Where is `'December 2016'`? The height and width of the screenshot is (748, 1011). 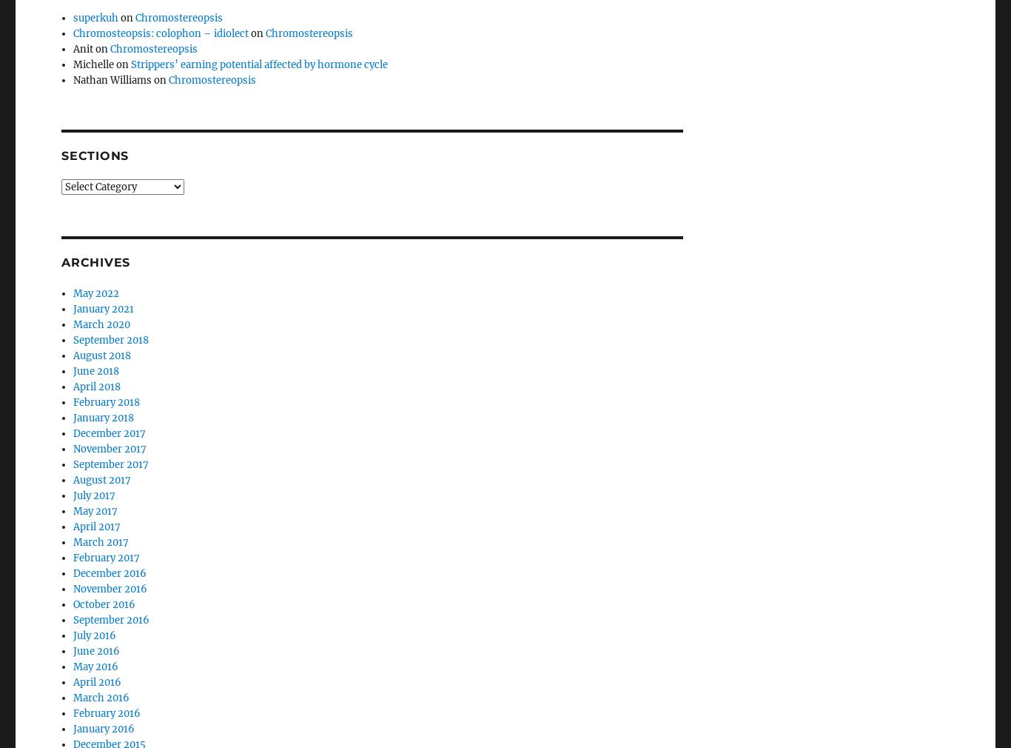
'December 2016' is located at coordinates (109, 532).